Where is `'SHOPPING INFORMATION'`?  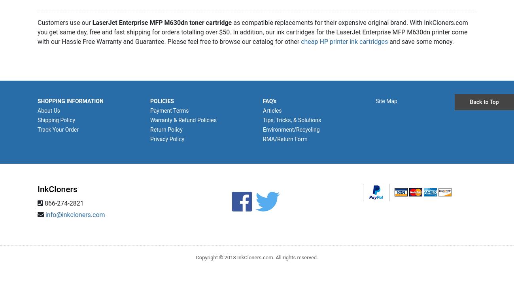
'SHOPPING INFORMATION' is located at coordinates (70, 101).